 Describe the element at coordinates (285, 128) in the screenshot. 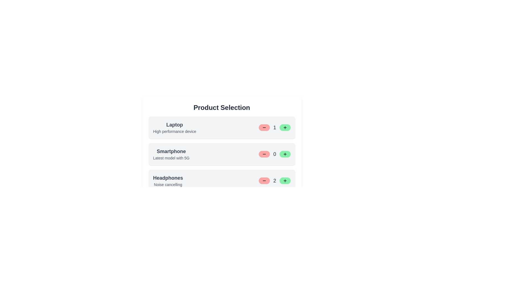

I see `increase button for the product with ID 1` at that location.